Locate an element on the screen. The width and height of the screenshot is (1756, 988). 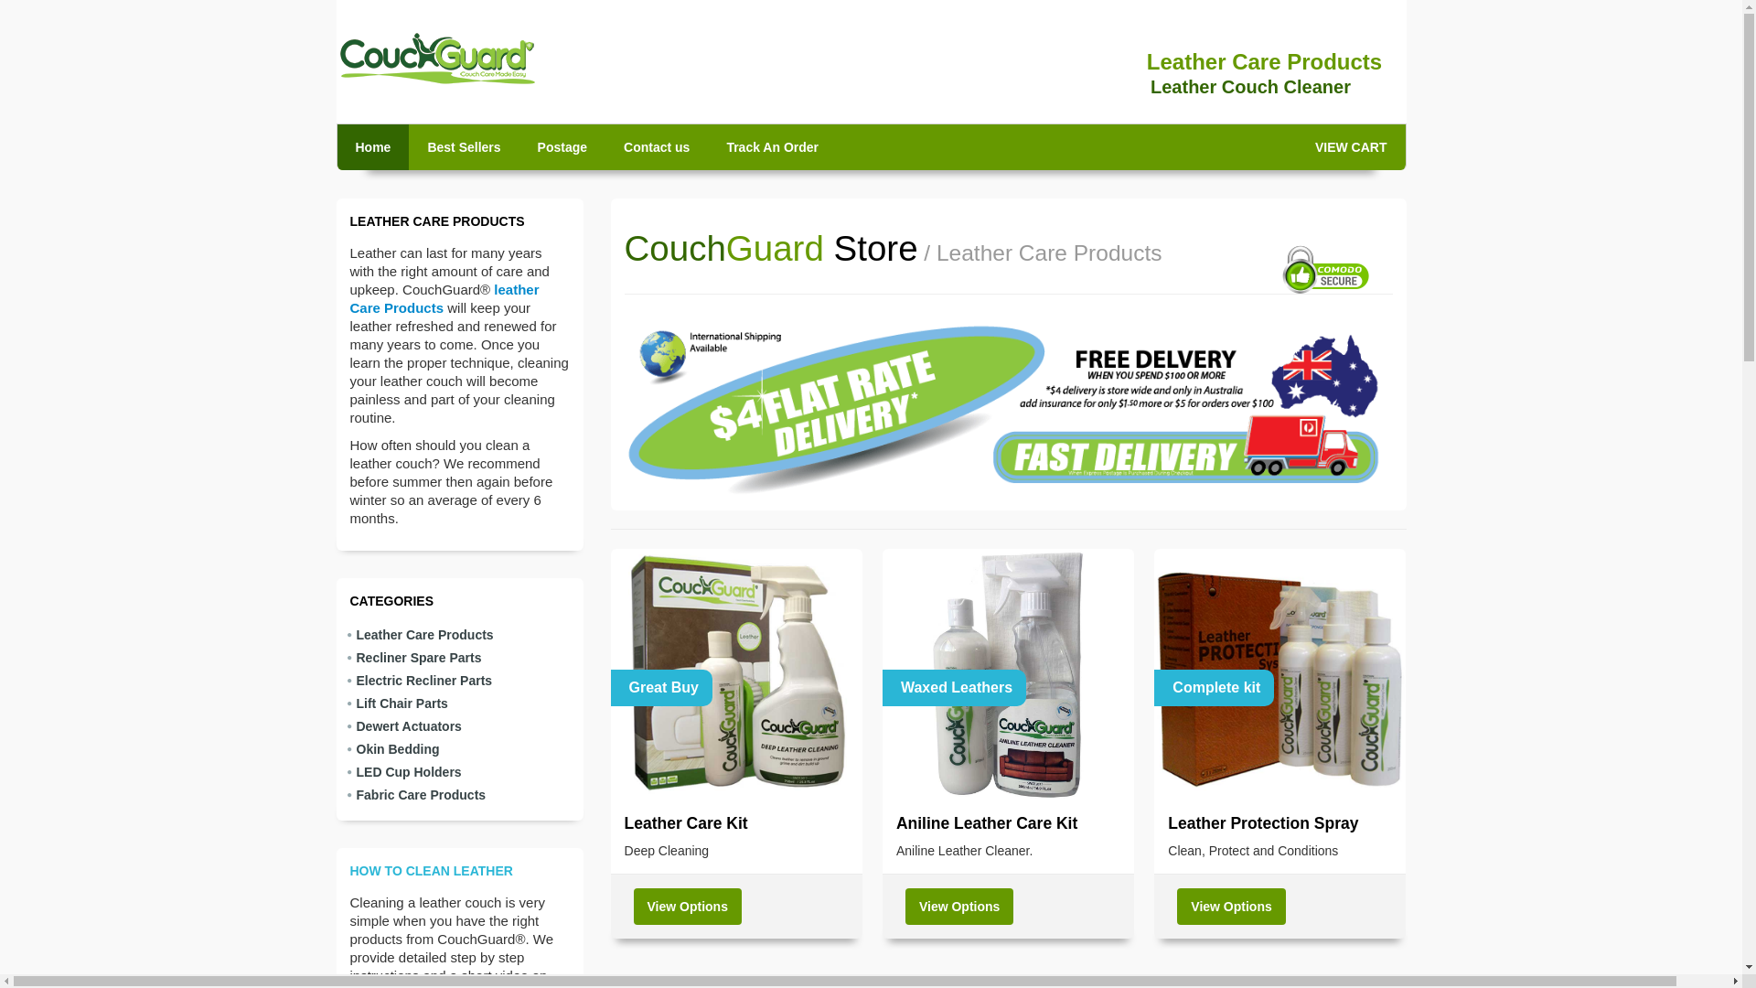
'Electric Recliner Parts' is located at coordinates (356, 681).